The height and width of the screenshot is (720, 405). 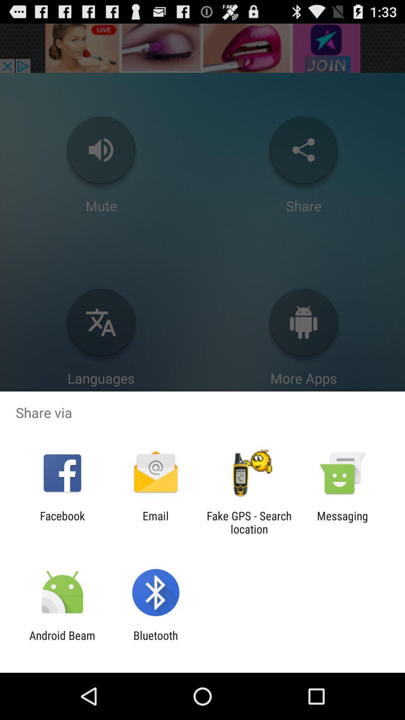 What do you see at coordinates (62, 642) in the screenshot?
I see `the item next to bluetooth app` at bounding box center [62, 642].